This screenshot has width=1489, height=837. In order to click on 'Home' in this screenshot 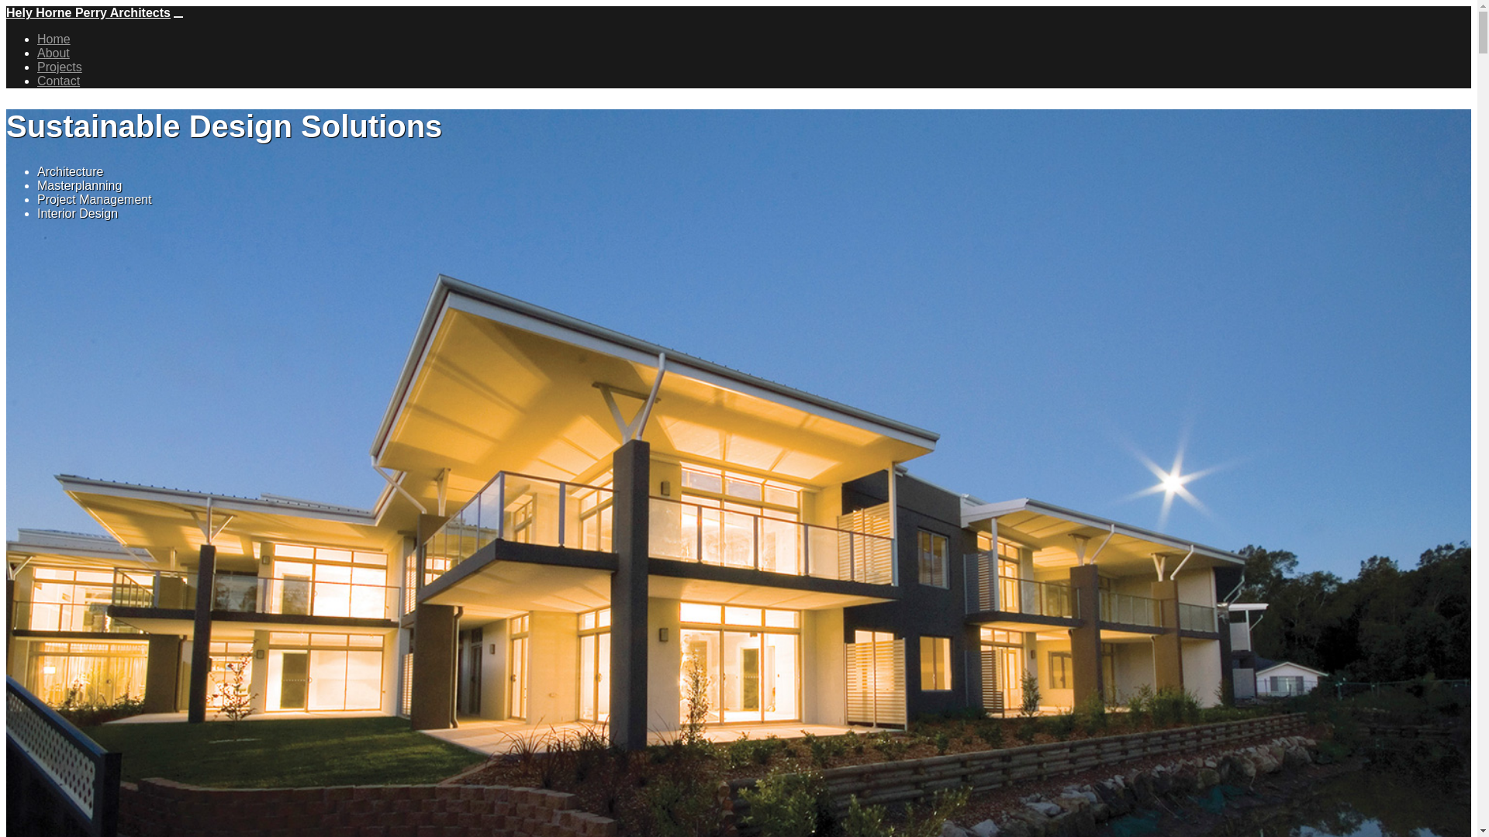, I will do `click(54, 38)`.